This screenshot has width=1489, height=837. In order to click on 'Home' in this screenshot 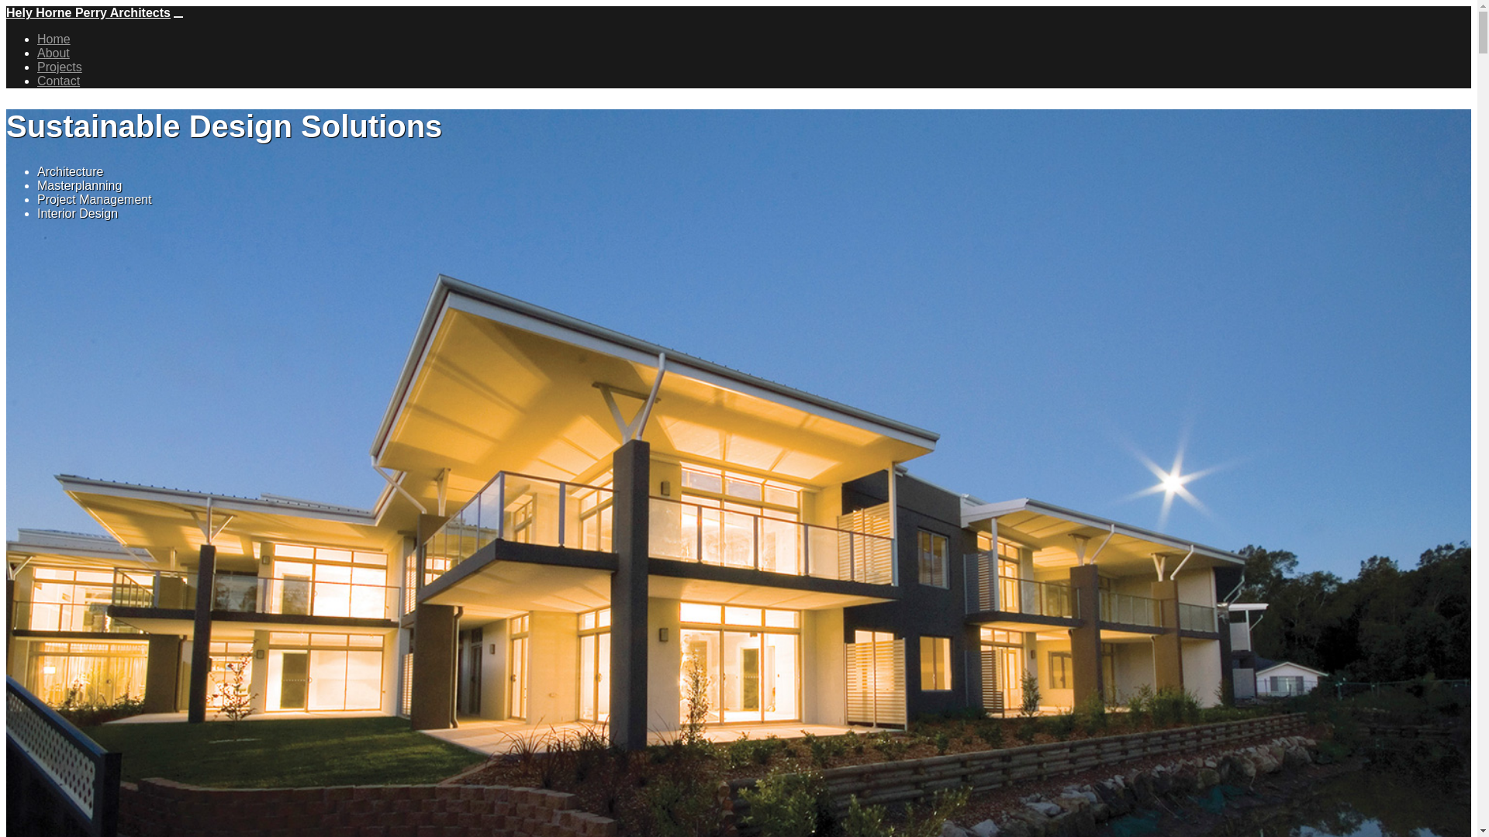, I will do `click(54, 38)`.